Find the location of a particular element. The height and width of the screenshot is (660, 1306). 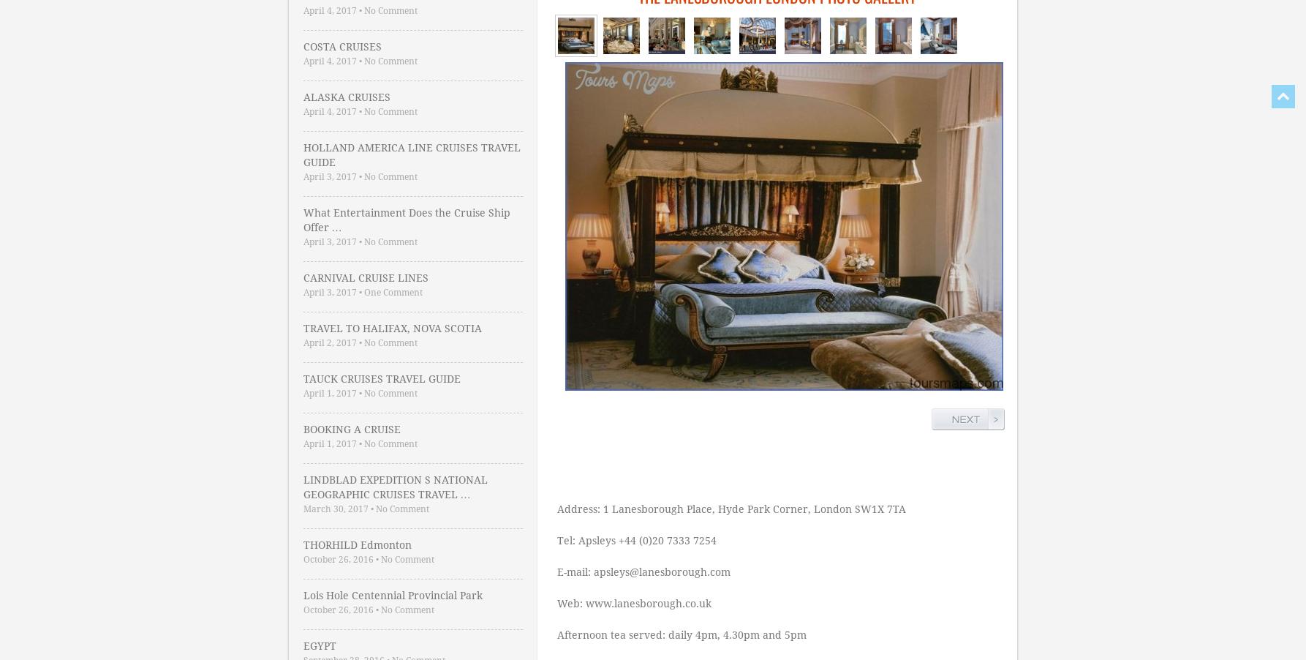

'April 2, 2017' is located at coordinates (328, 342).